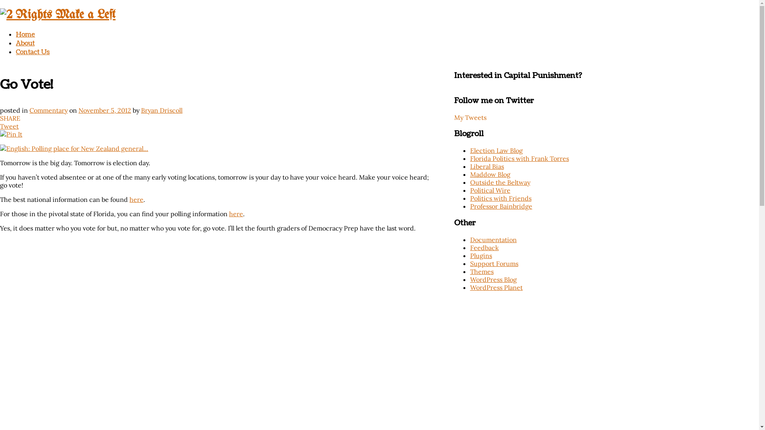 This screenshot has height=430, width=765. Describe the element at coordinates (32, 52) in the screenshot. I see `'Contact Us'` at that location.